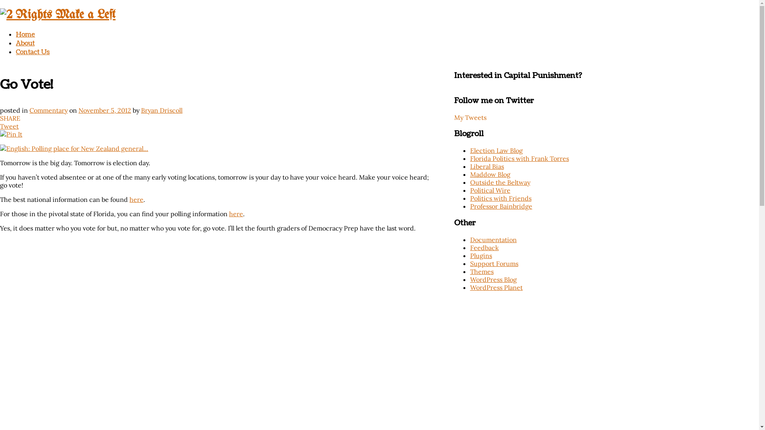 This screenshot has height=430, width=765. Describe the element at coordinates (32, 52) in the screenshot. I see `'Contact Us'` at that location.